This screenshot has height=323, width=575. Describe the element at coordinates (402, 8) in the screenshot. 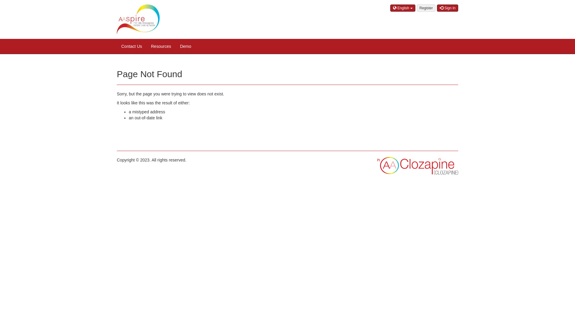

I see `'English'` at that location.